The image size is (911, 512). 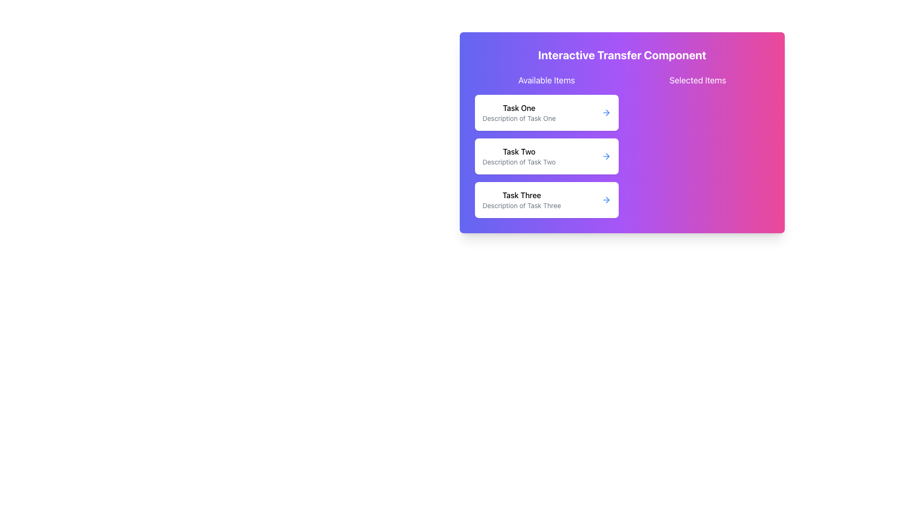 What do you see at coordinates (519, 107) in the screenshot?
I see `text content of the title element located at the top of the list in the 'Available Items' column of the 'Interactive Transfer Component' panel` at bounding box center [519, 107].